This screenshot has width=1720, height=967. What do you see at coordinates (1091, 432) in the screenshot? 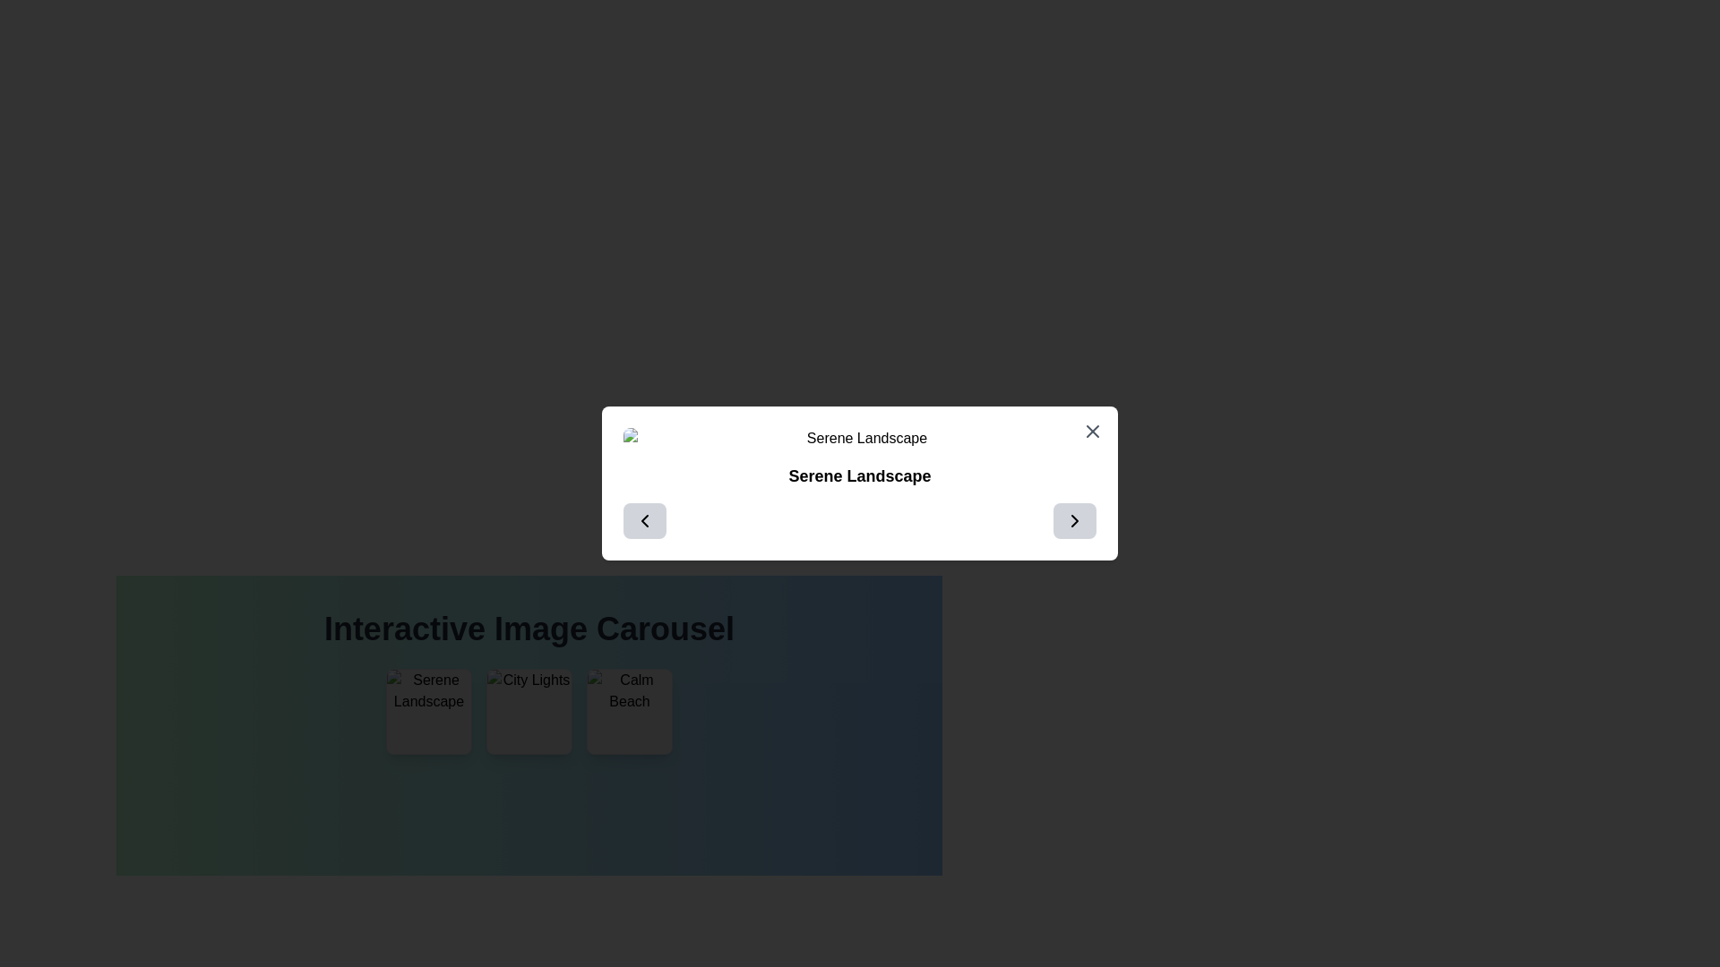
I see `the close button represented by an 'X' icon in the top-right corner of the modal dialog` at bounding box center [1091, 432].